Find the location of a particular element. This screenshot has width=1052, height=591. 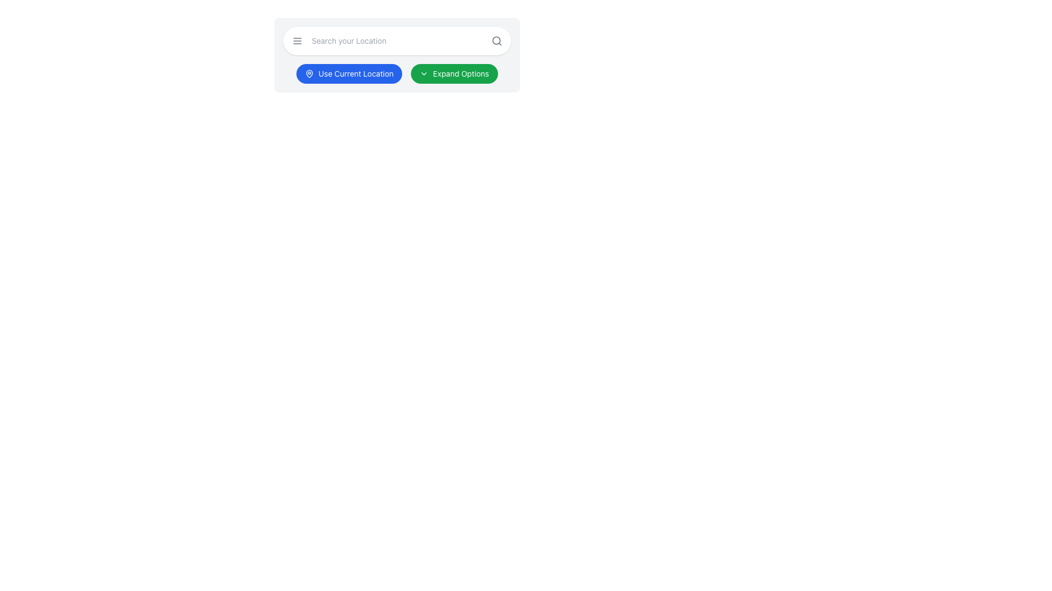

either of the two buttons located below the search bar at the top-center of the interface is located at coordinates (396, 74).